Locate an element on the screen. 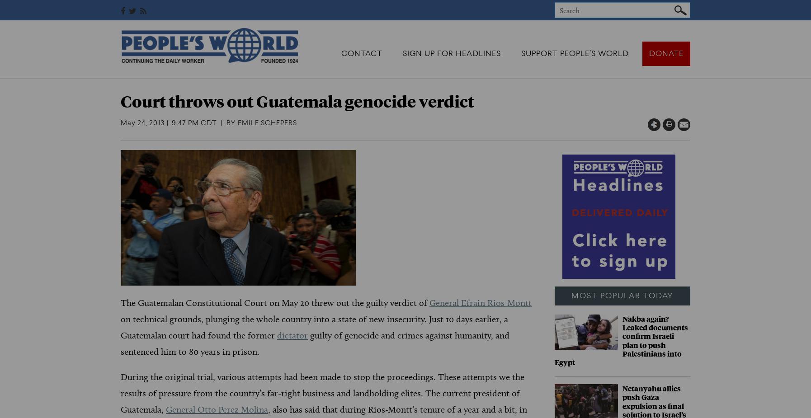 This screenshot has width=811, height=418. 'dictator' is located at coordinates (277, 335).